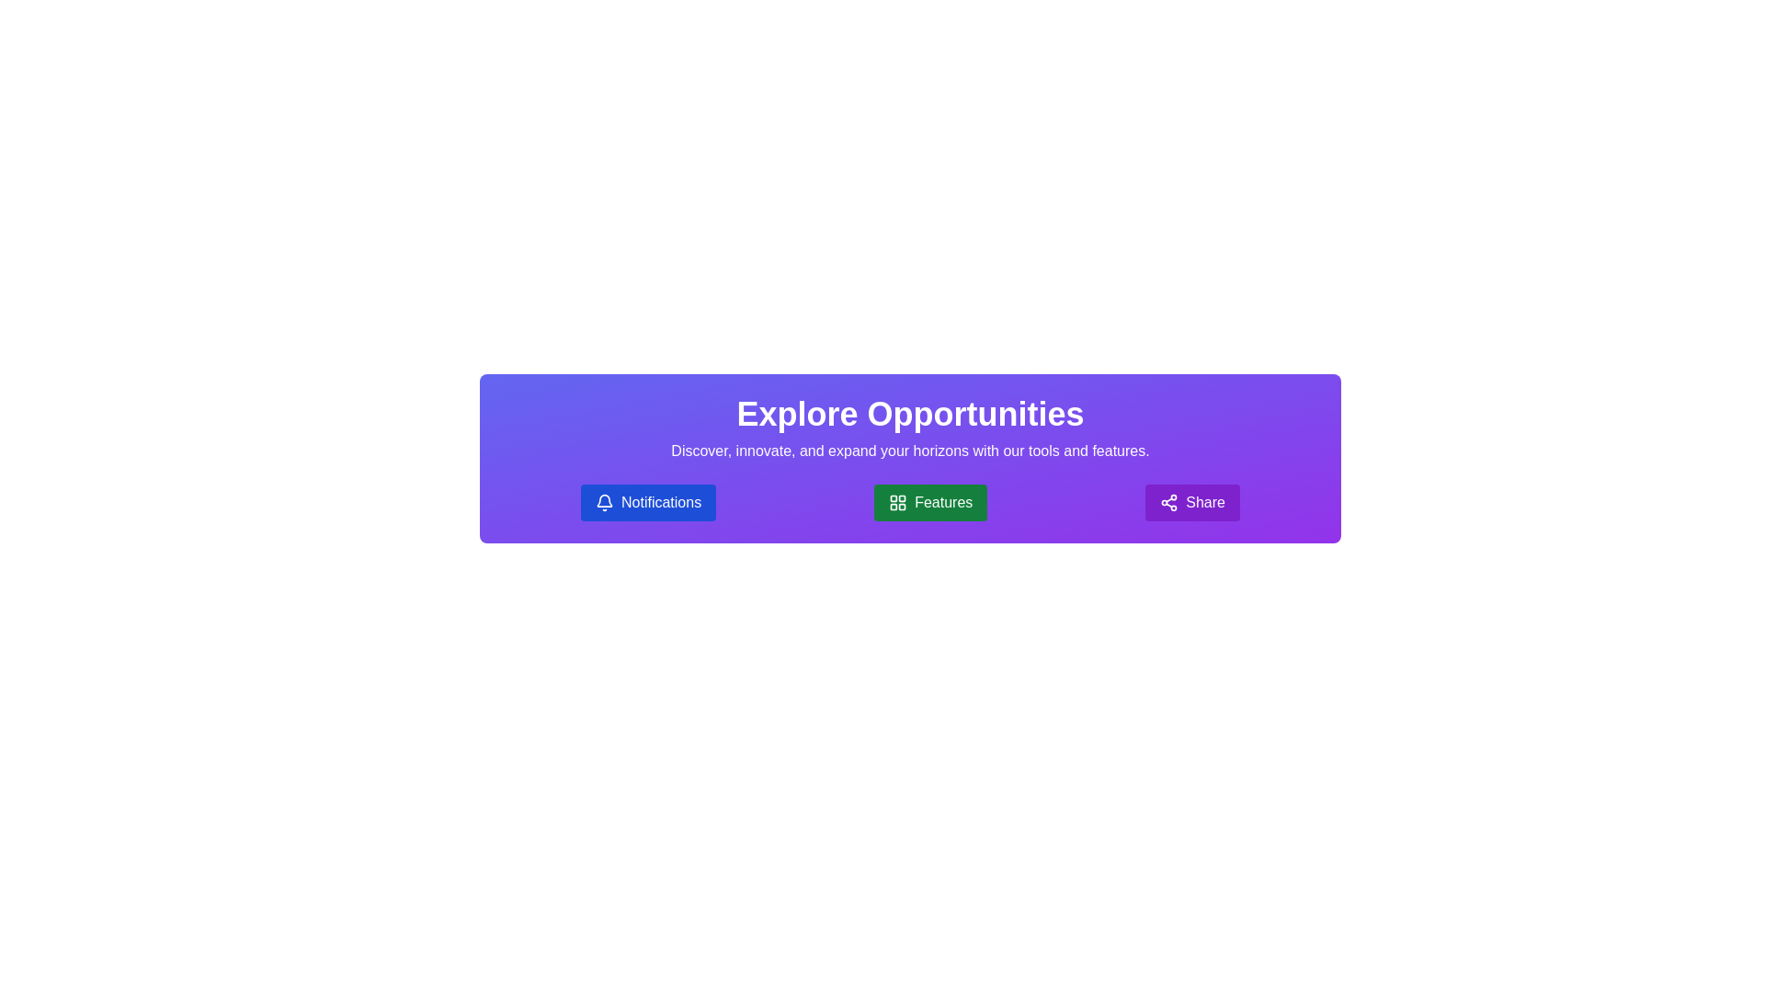 This screenshot has height=993, width=1765. What do you see at coordinates (898, 503) in the screenshot?
I see `SVG-based graphic icon located on the left side of the green 'Features' button, which helps users recognize the button's function related to features or options` at bounding box center [898, 503].